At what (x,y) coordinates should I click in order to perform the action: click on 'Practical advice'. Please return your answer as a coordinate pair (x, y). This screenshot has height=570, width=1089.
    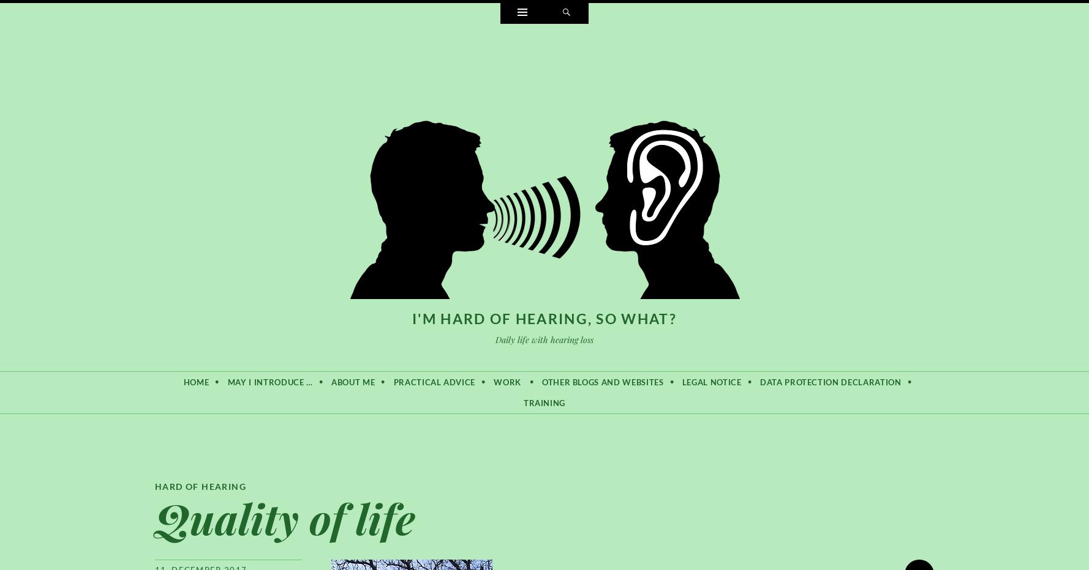
    Looking at the image, I should click on (434, 380).